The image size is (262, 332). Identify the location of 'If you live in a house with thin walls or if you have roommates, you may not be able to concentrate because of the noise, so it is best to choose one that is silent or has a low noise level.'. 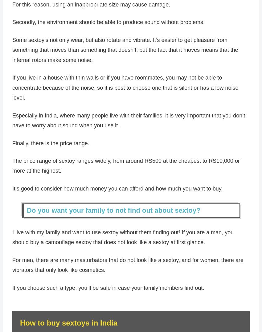
(125, 90).